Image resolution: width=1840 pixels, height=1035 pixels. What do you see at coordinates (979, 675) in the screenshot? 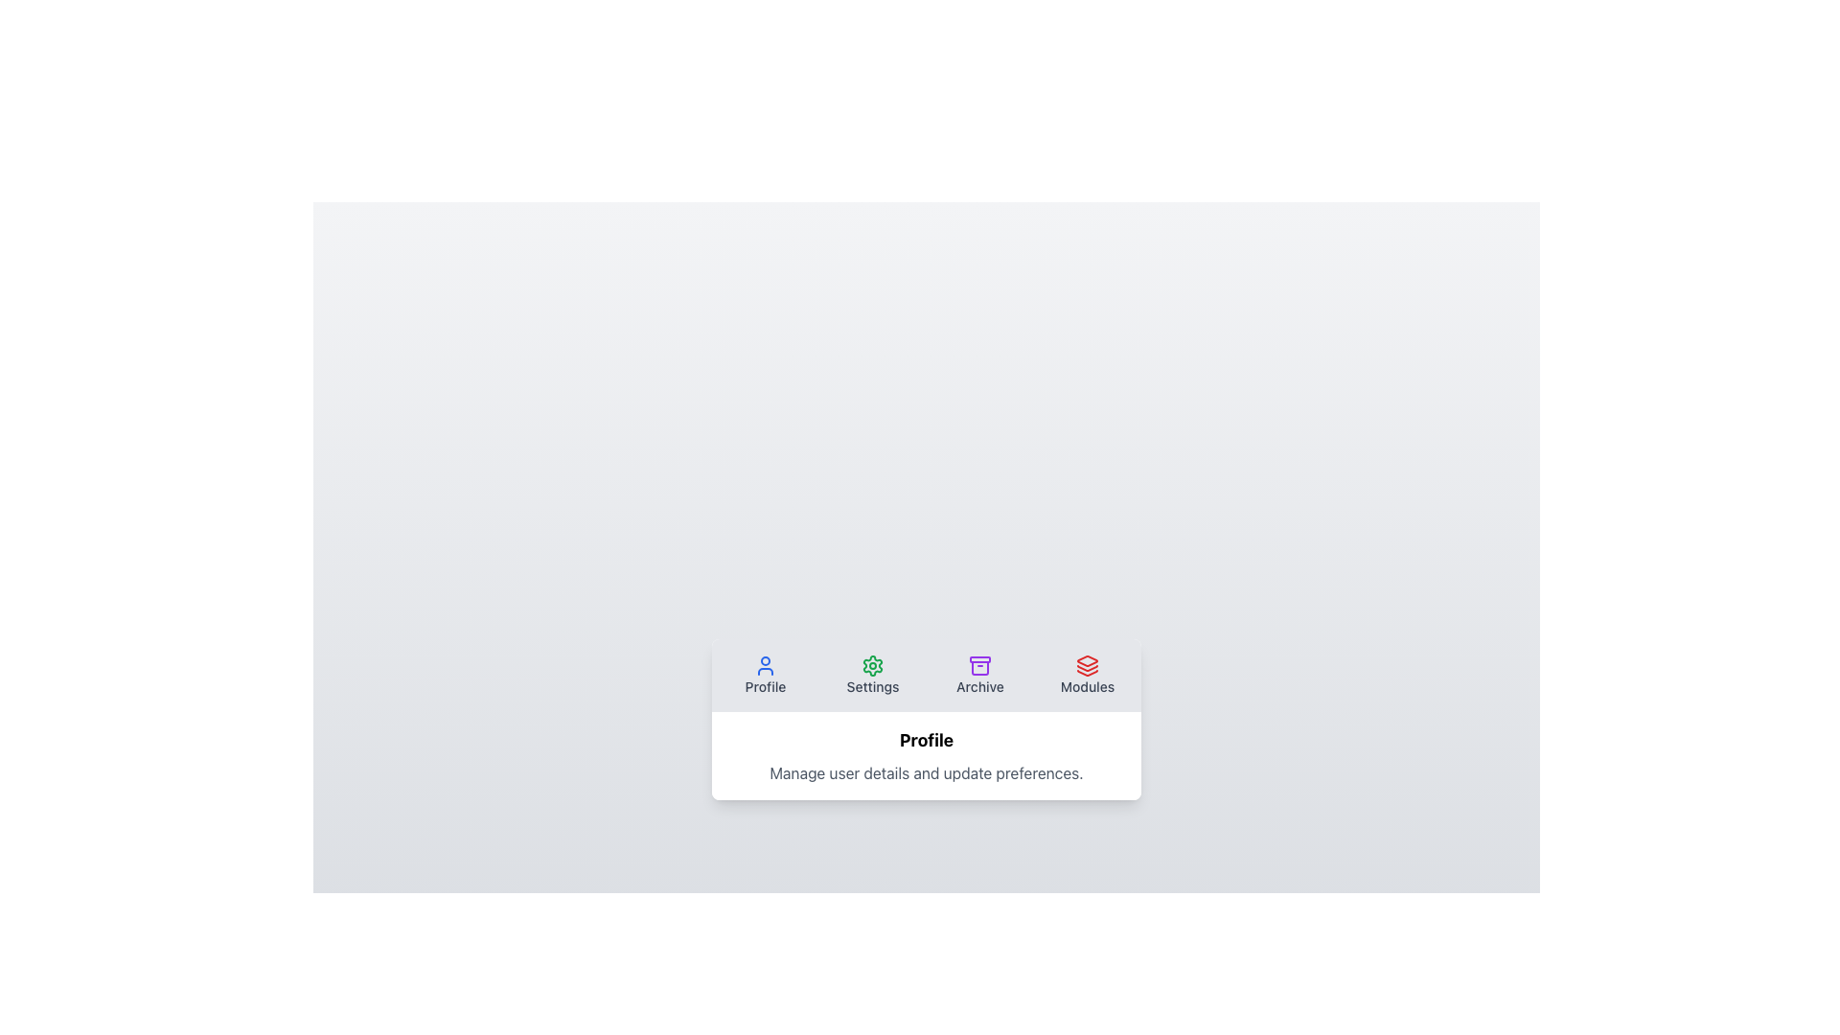
I see `the 'Archive' UI element, which contains an archive icon and the label 'Archive'` at bounding box center [979, 675].